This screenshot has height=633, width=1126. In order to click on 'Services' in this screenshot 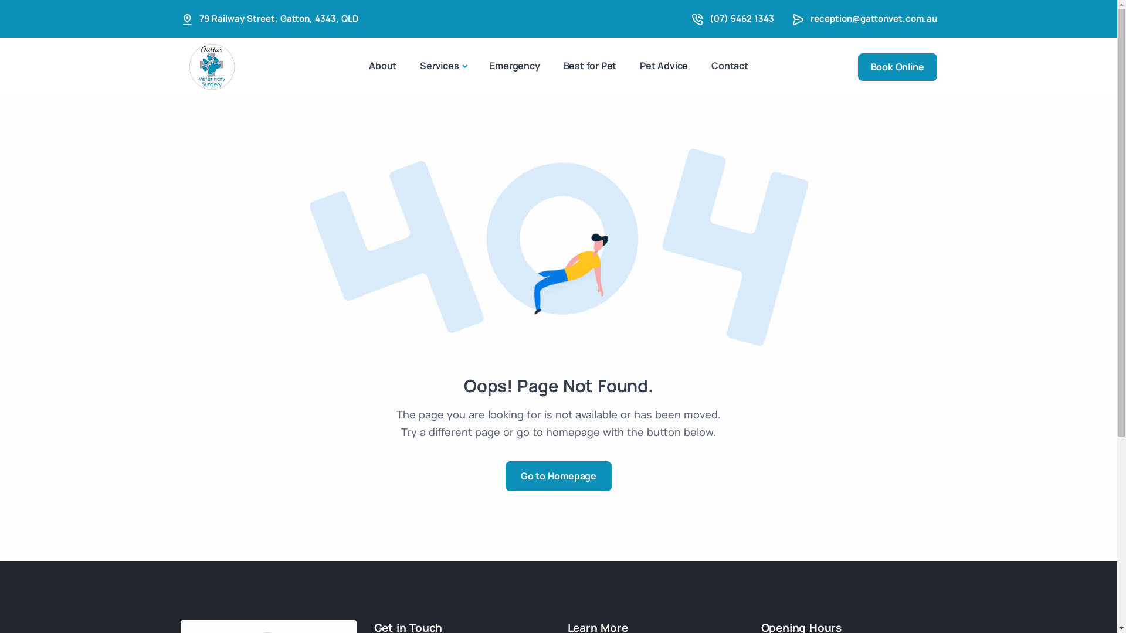, I will do `click(442, 67)`.